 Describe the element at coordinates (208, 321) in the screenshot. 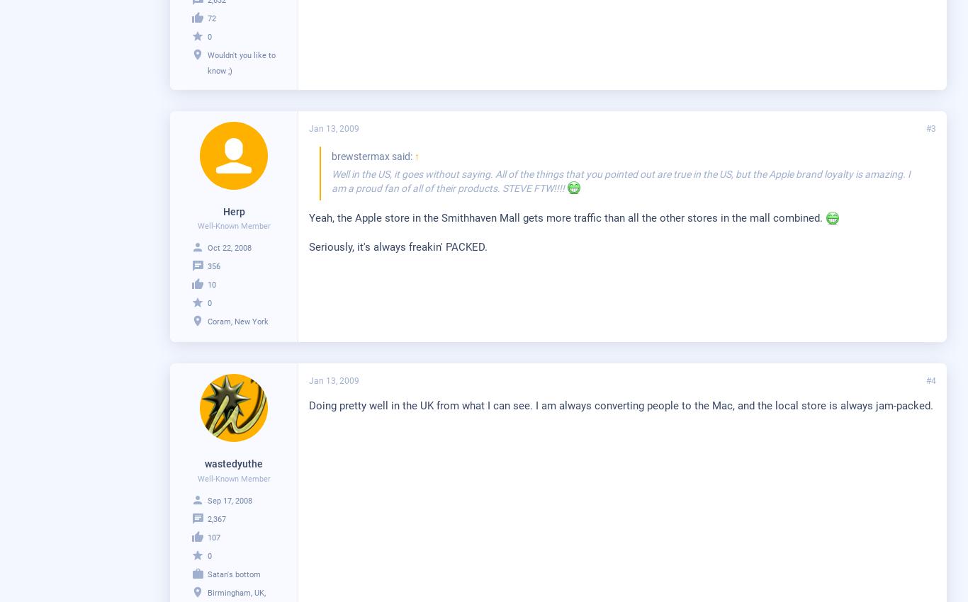

I see `'Coram, New York'` at that location.